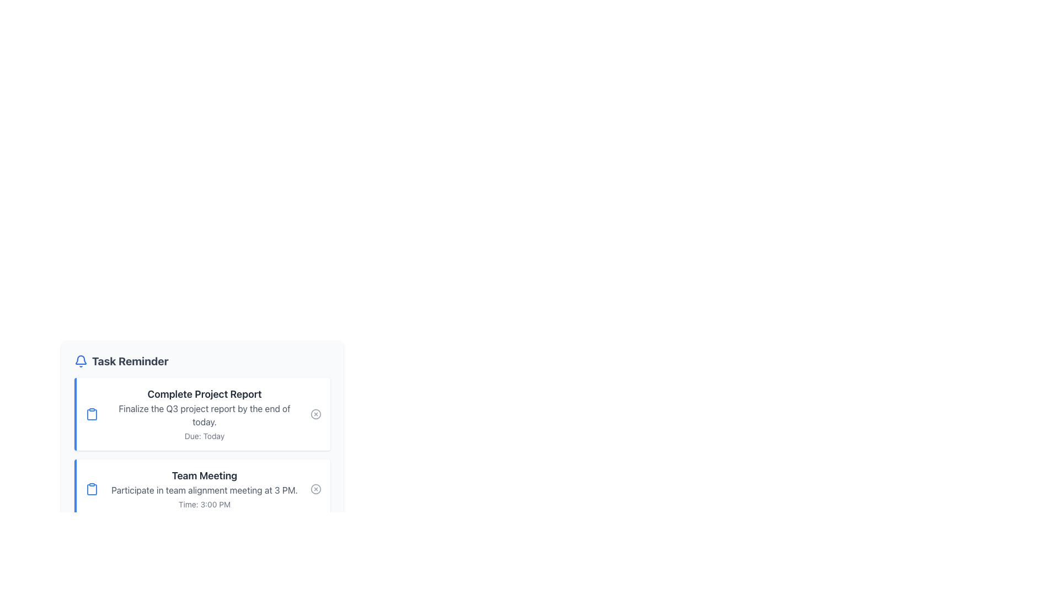 This screenshot has height=595, width=1059. What do you see at coordinates (81, 361) in the screenshot?
I see `the bell icon located to the immediate left of the 'Task Reminder' text` at bounding box center [81, 361].